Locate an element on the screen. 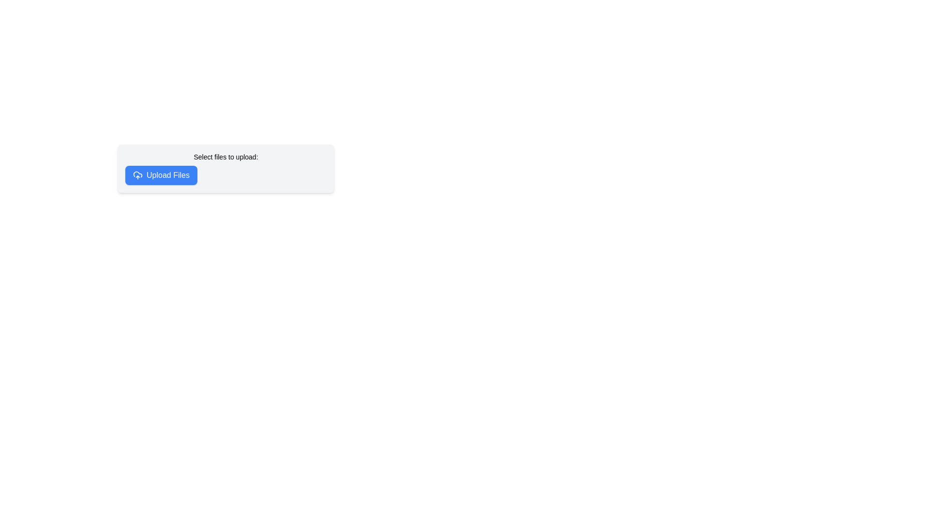 This screenshot has height=522, width=929. the cloud-shaped icon with an upward arrow overlay, which is located near the left edge of the blue 'Upload Files' button is located at coordinates (137, 175).